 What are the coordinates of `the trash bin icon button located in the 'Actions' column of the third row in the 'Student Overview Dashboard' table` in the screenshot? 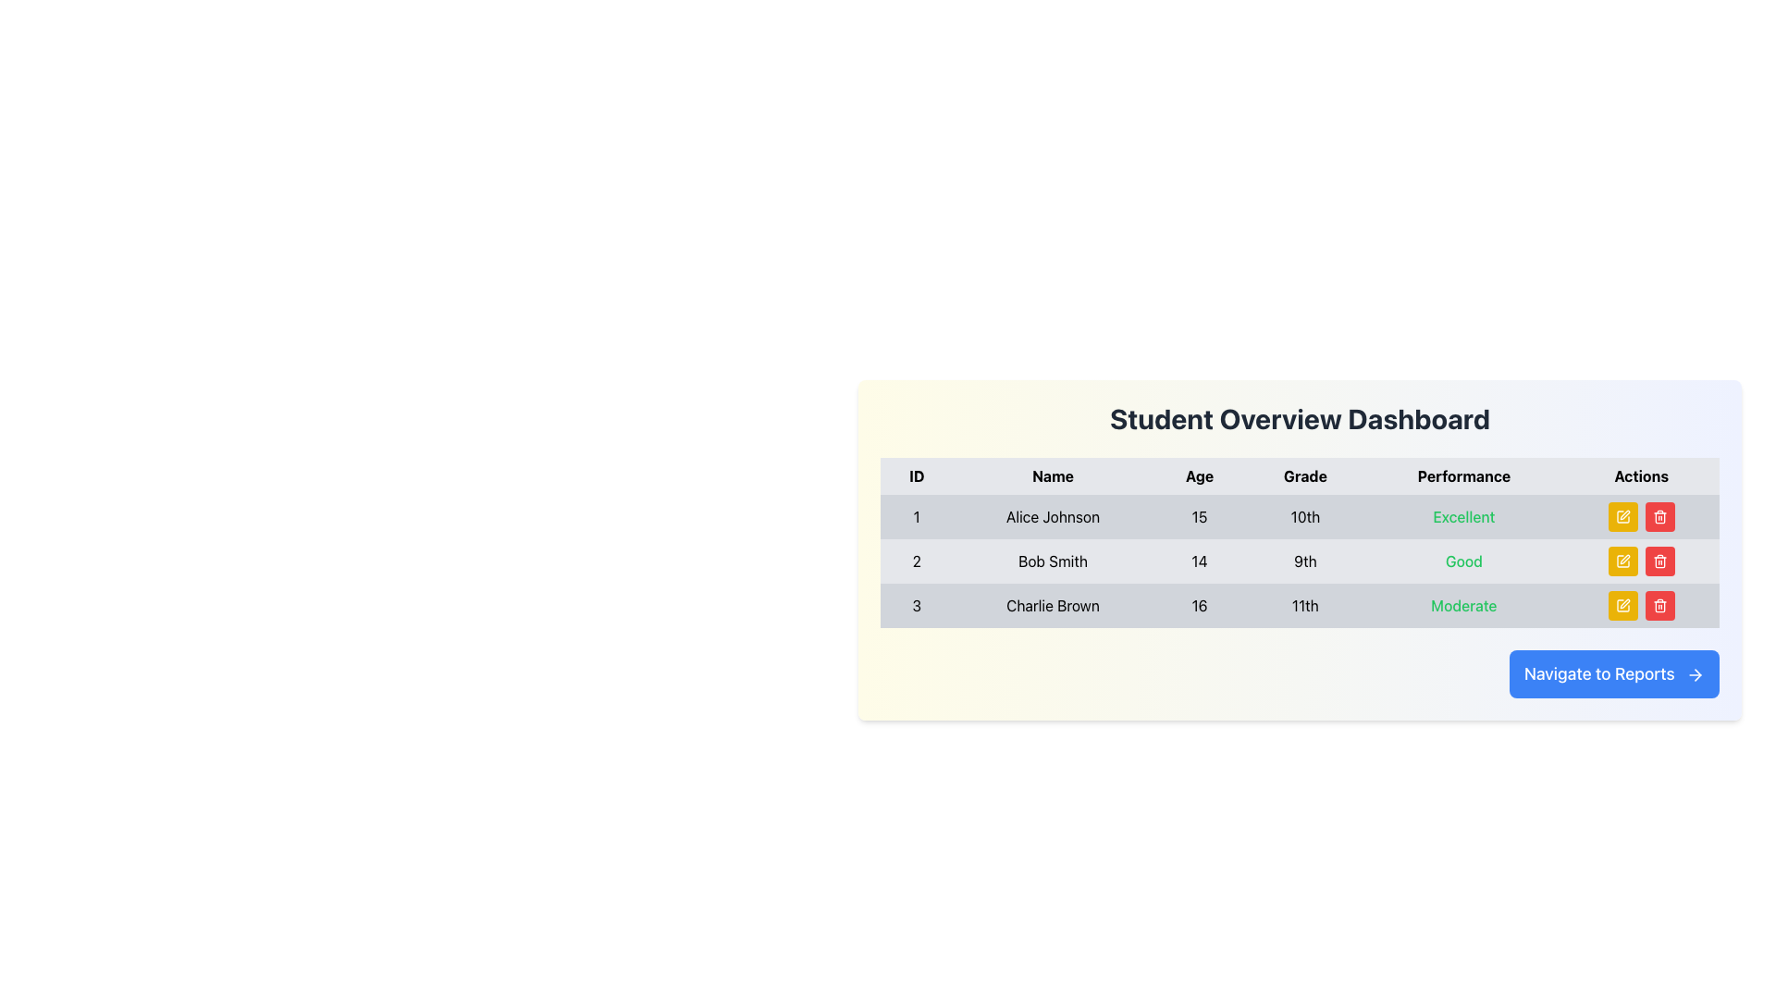 It's located at (1659, 606).